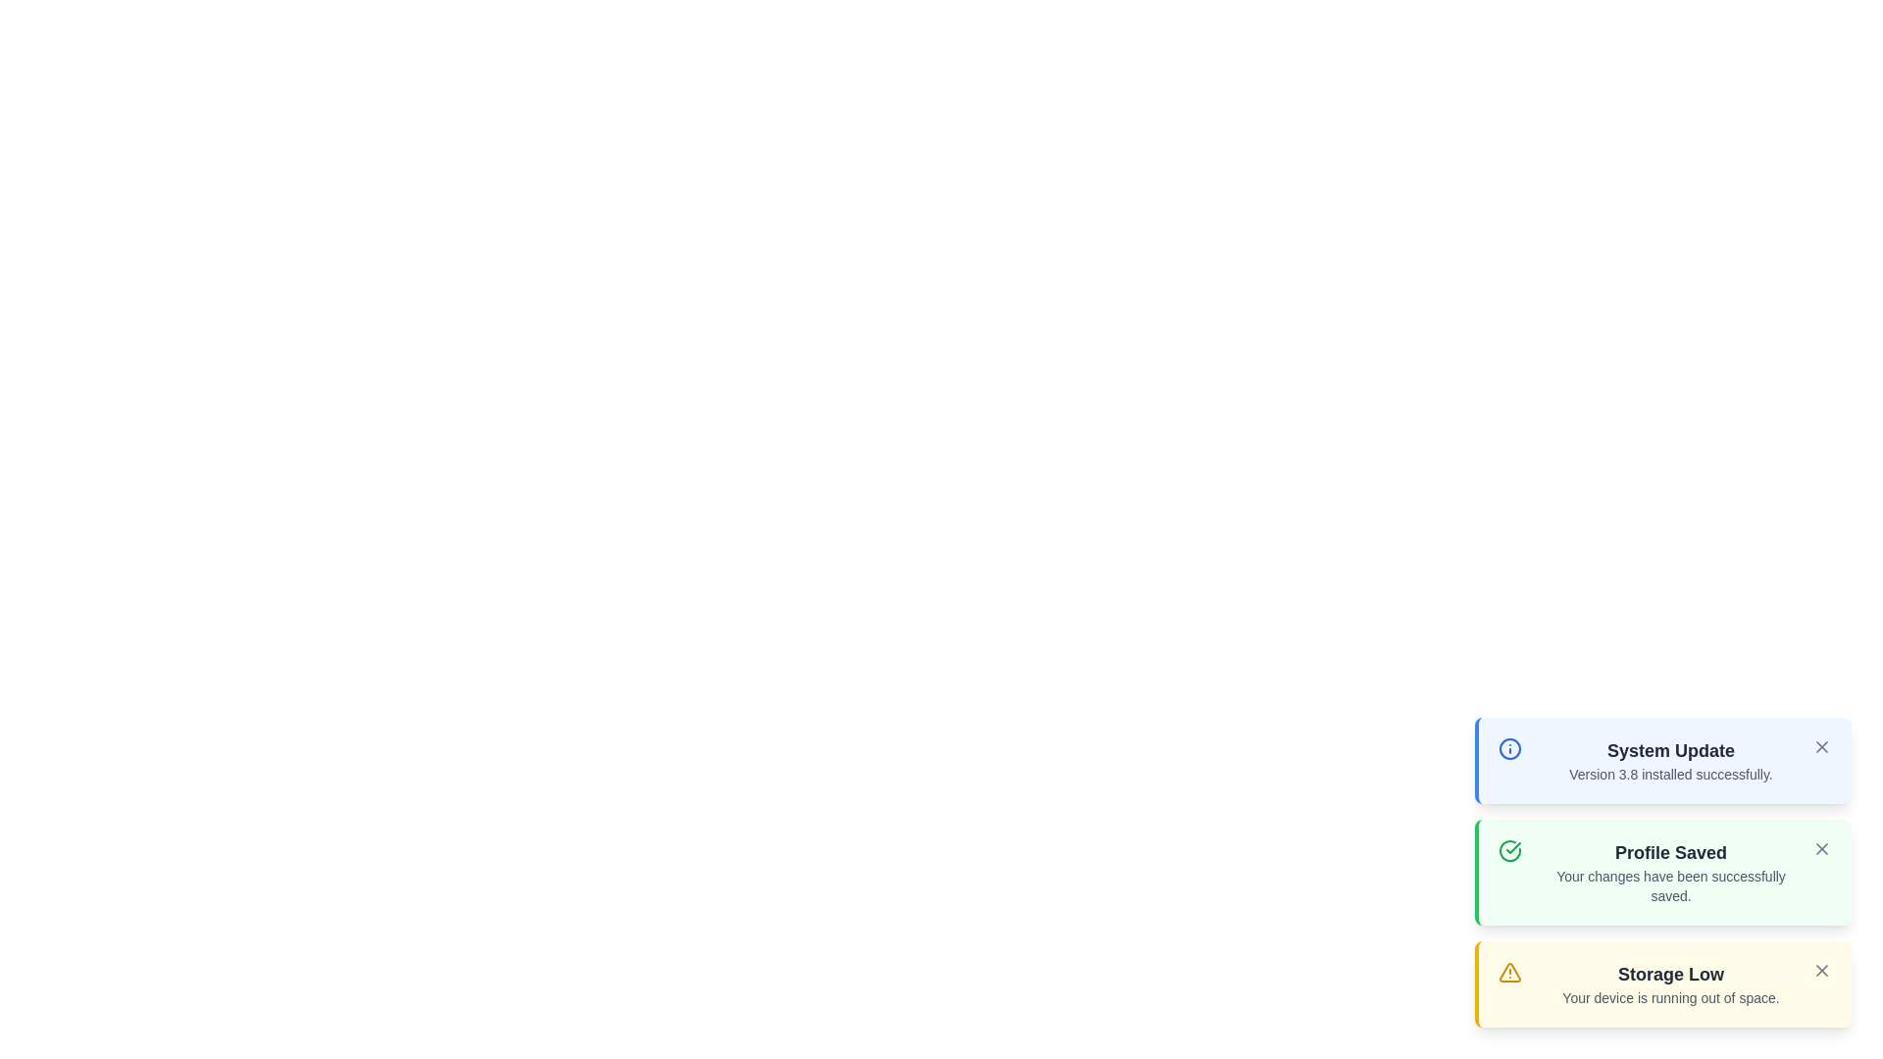 This screenshot has height=1059, width=1883. Describe the element at coordinates (1670, 750) in the screenshot. I see `the text content of the notification titled System Update` at that location.